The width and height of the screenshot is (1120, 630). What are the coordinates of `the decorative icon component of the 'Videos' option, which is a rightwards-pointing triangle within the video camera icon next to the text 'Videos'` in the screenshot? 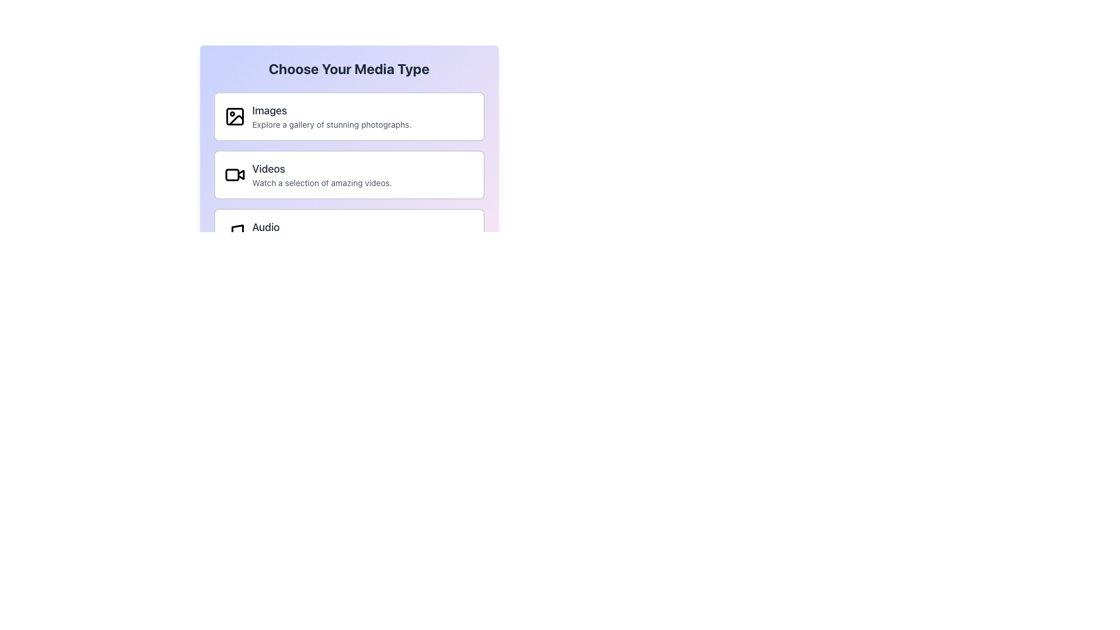 It's located at (240, 174).